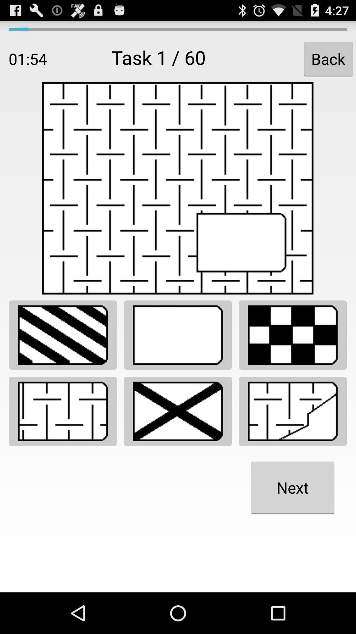 Image resolution: width=356 pixels, height=634 pixels. I want to click on back item, so click(328, 59).